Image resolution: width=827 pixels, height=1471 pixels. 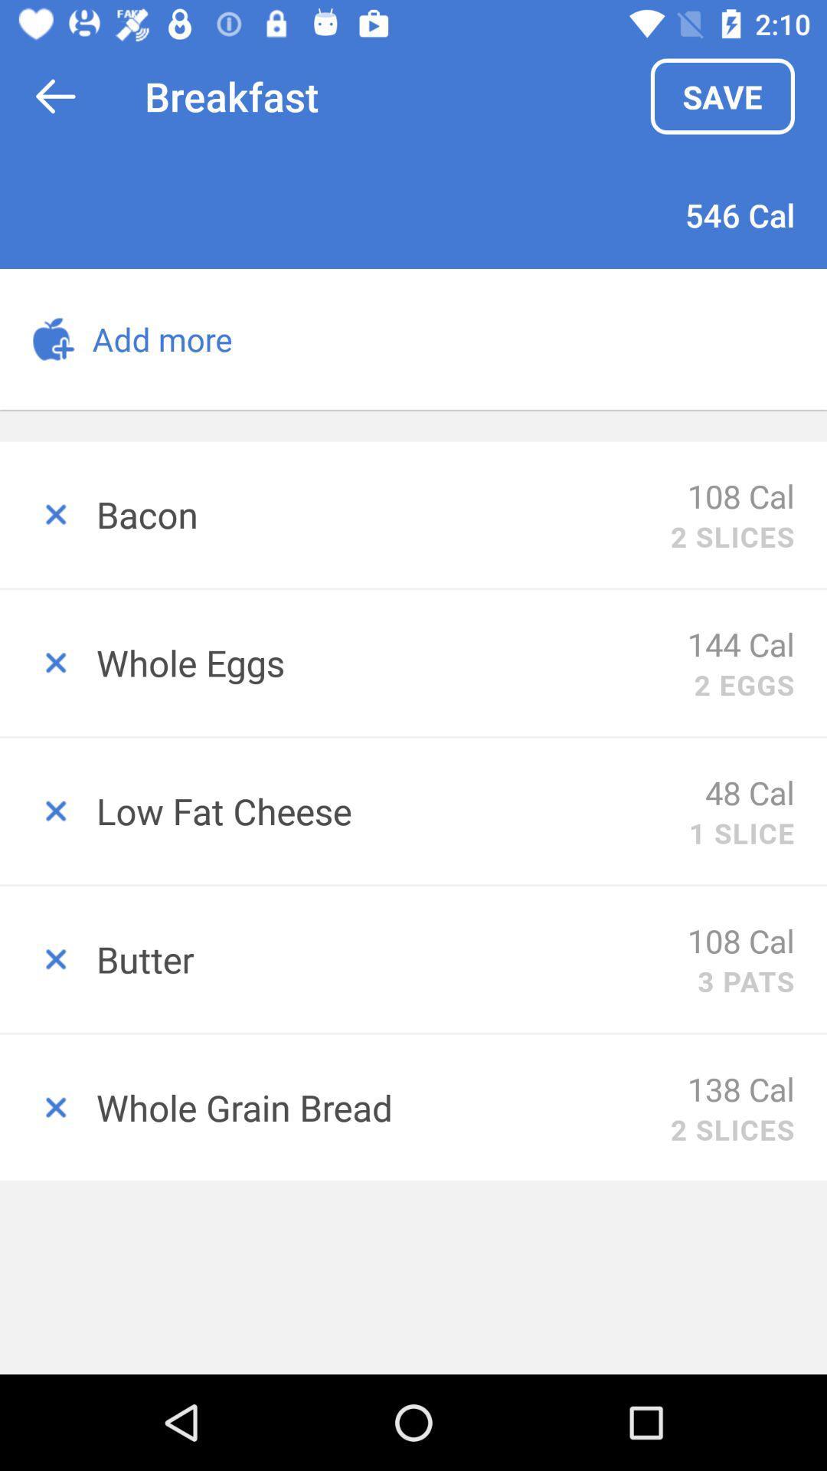 What do you see at coordinates (740, 644) in the screenshot?
I see `the item below 2 slices item` at bounding box center [740, 644].